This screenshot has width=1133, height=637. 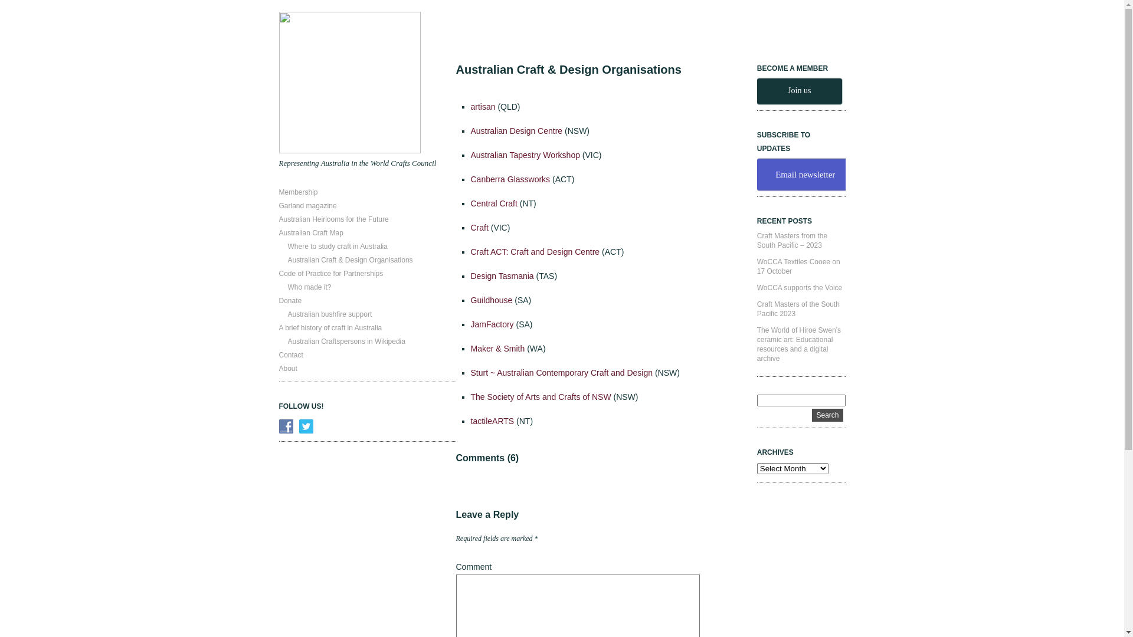 I want to click on 'Code of Practice for Partnerships', so click(x=330, y=273).